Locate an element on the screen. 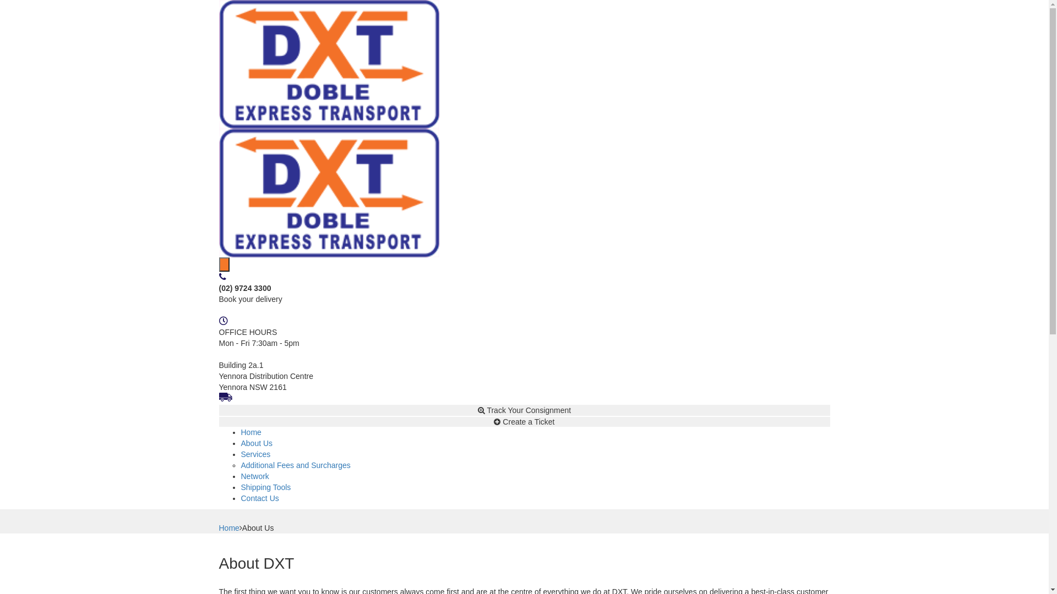 This screenshot has height=594, width=1057. 'Create a Ticket' is located at coordinates (524, 421).